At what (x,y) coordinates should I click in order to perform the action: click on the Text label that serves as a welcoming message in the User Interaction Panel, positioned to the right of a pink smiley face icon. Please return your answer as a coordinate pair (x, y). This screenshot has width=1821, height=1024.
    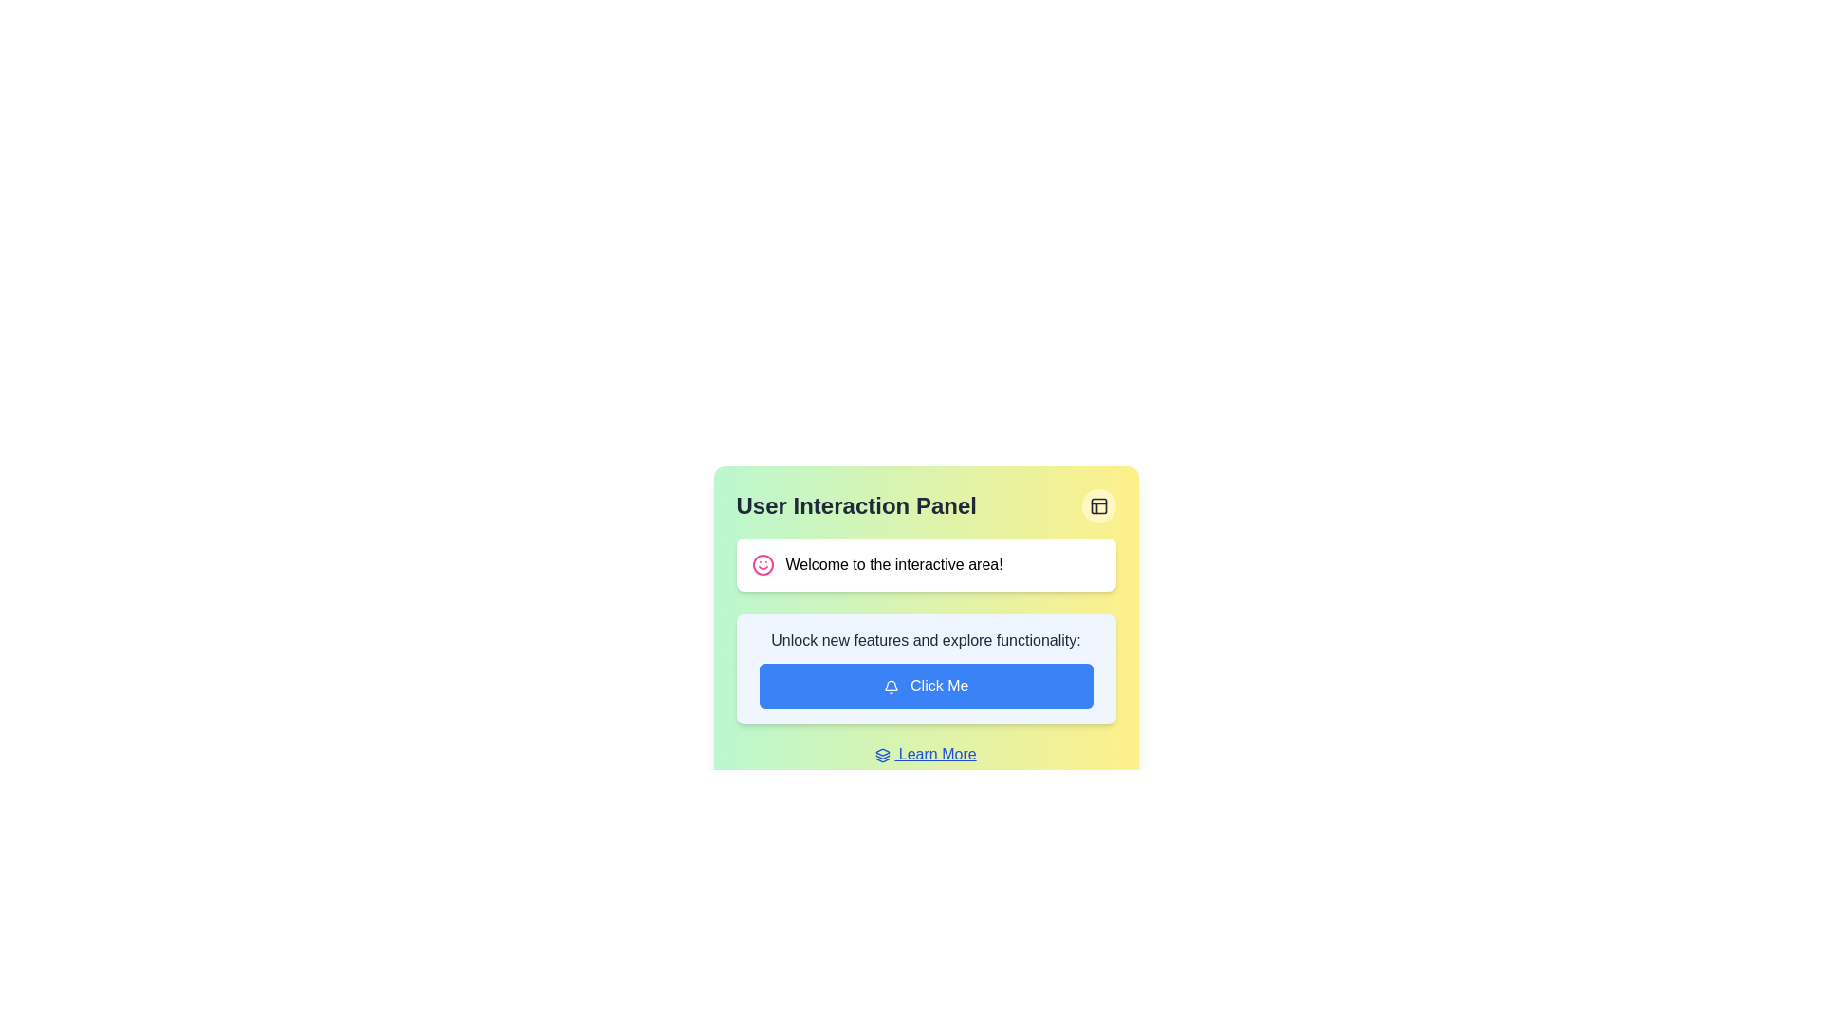
    Looking at the image, I should click on (893, 564).